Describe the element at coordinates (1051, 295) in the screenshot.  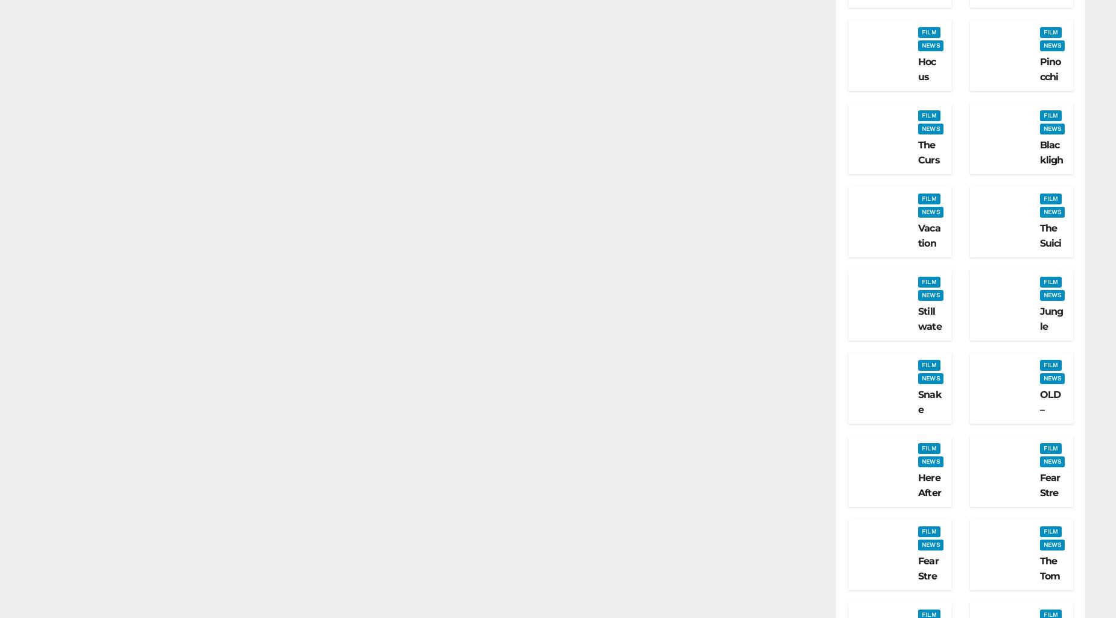
I see `'The Suicide Squad (2021) – Film Review'` at that location.